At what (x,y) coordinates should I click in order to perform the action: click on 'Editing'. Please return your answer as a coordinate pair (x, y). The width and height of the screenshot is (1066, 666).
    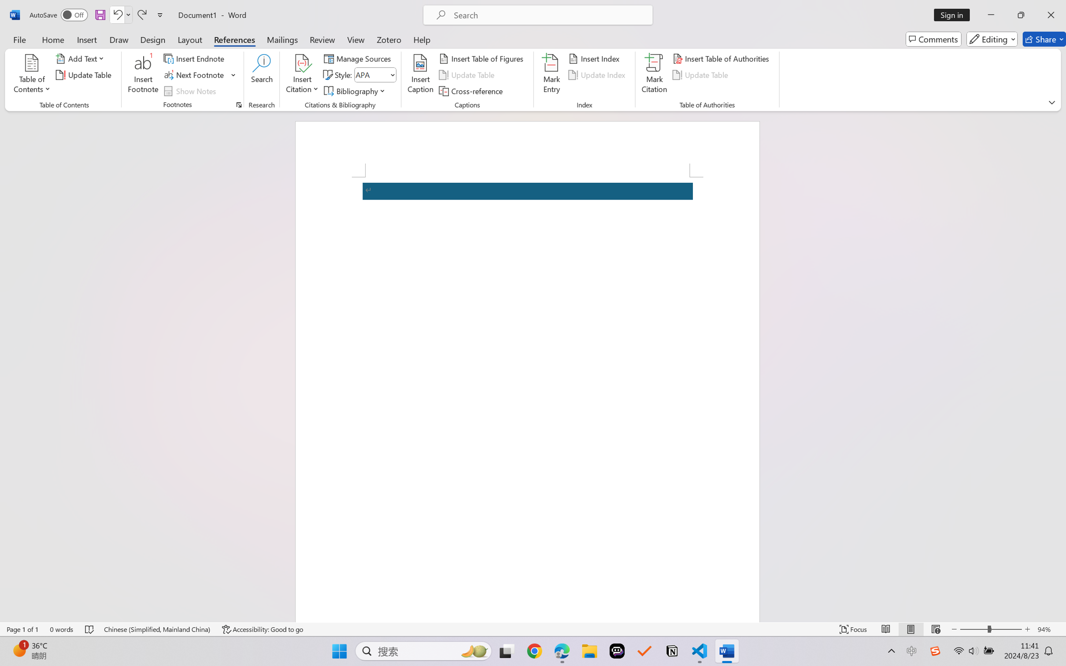
    Looking at the image, I should click on (992, 39).